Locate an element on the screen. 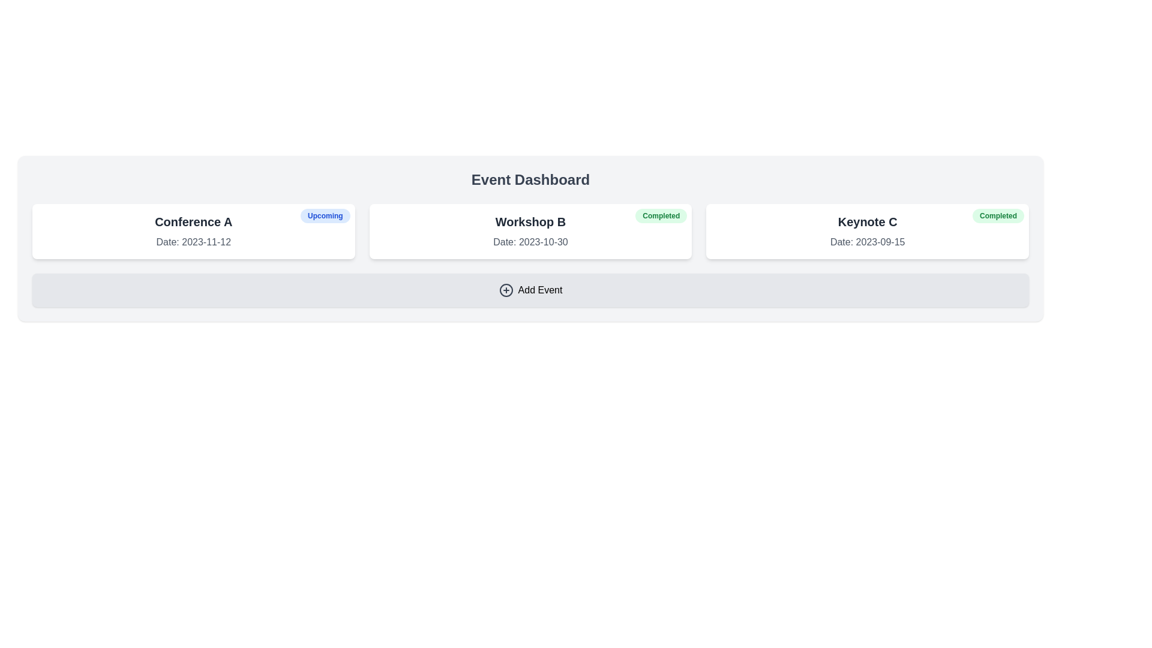 The width and height of the screenshot is (1152, 648). the Event card titled 'Conference A' is located at coordinates (193, 231).